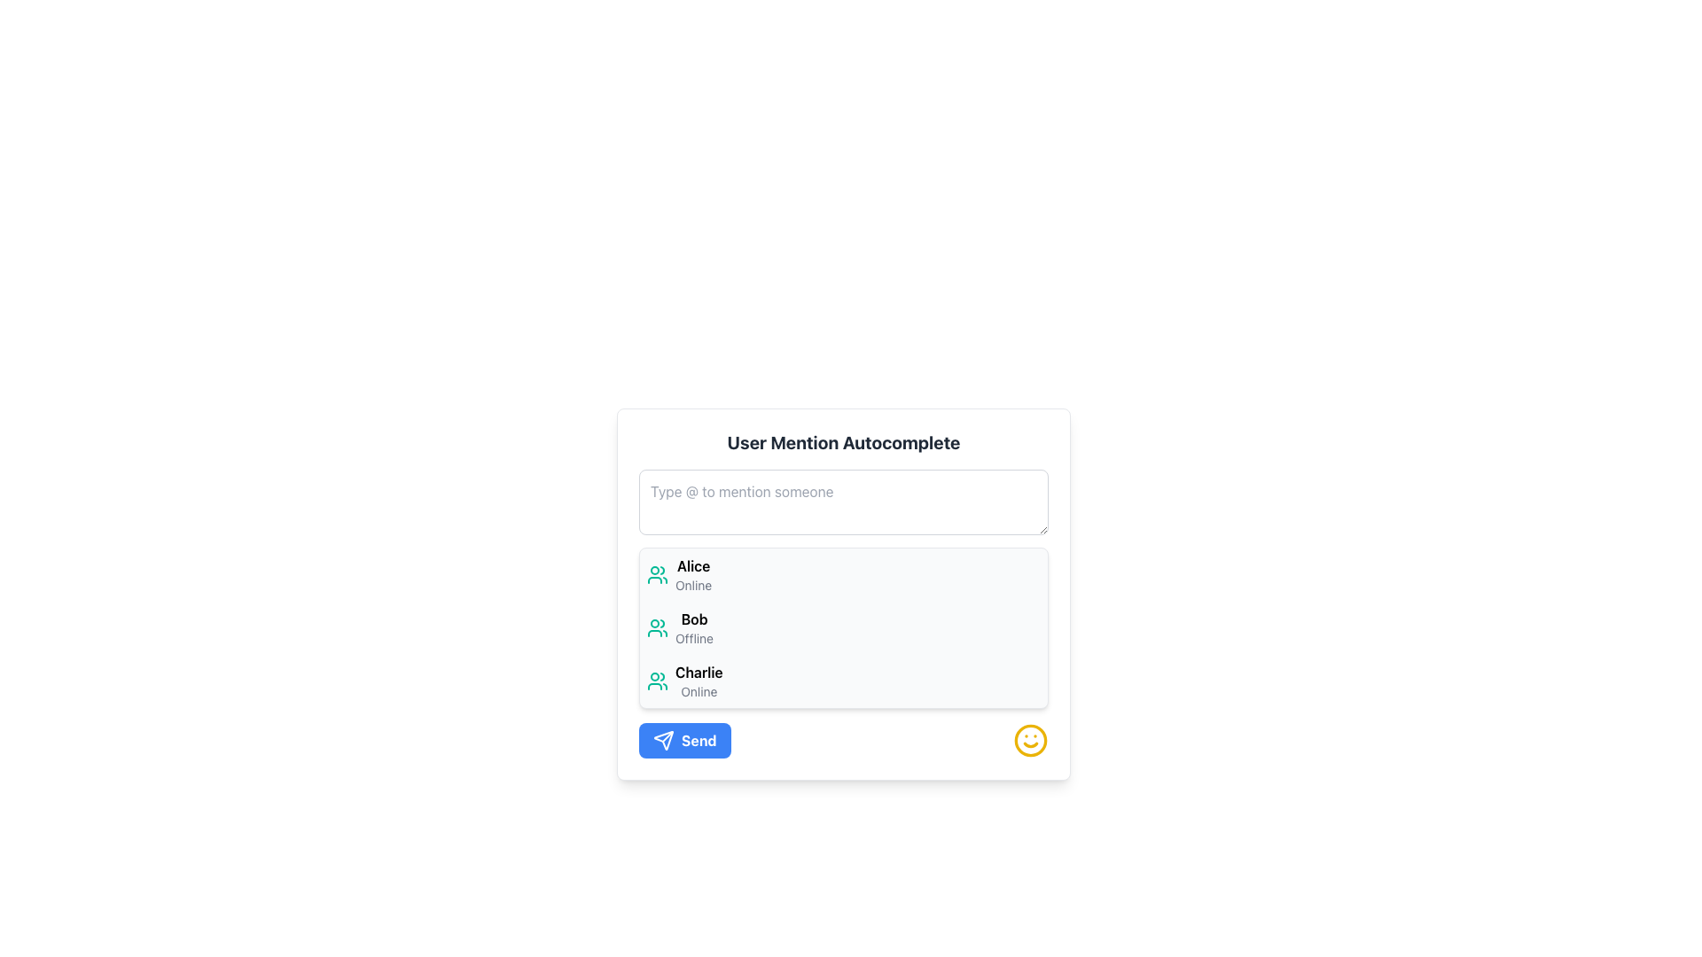  I want to click on the third user item in the dropdown list, which represents 'Charlie' and shows their availability status, so click(842, 680).